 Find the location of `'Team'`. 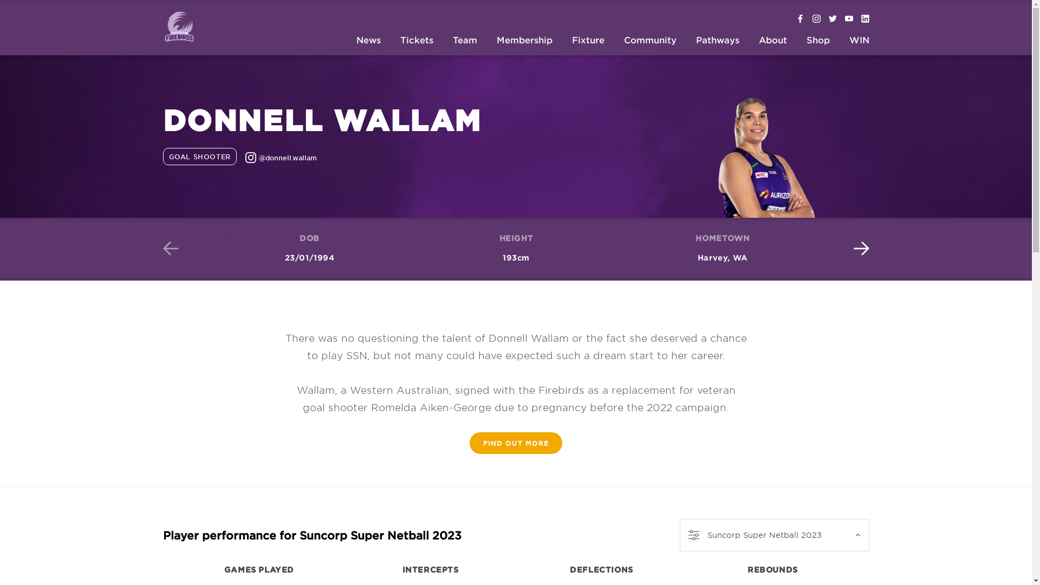

'Team' is located at coordinates (464, 41).